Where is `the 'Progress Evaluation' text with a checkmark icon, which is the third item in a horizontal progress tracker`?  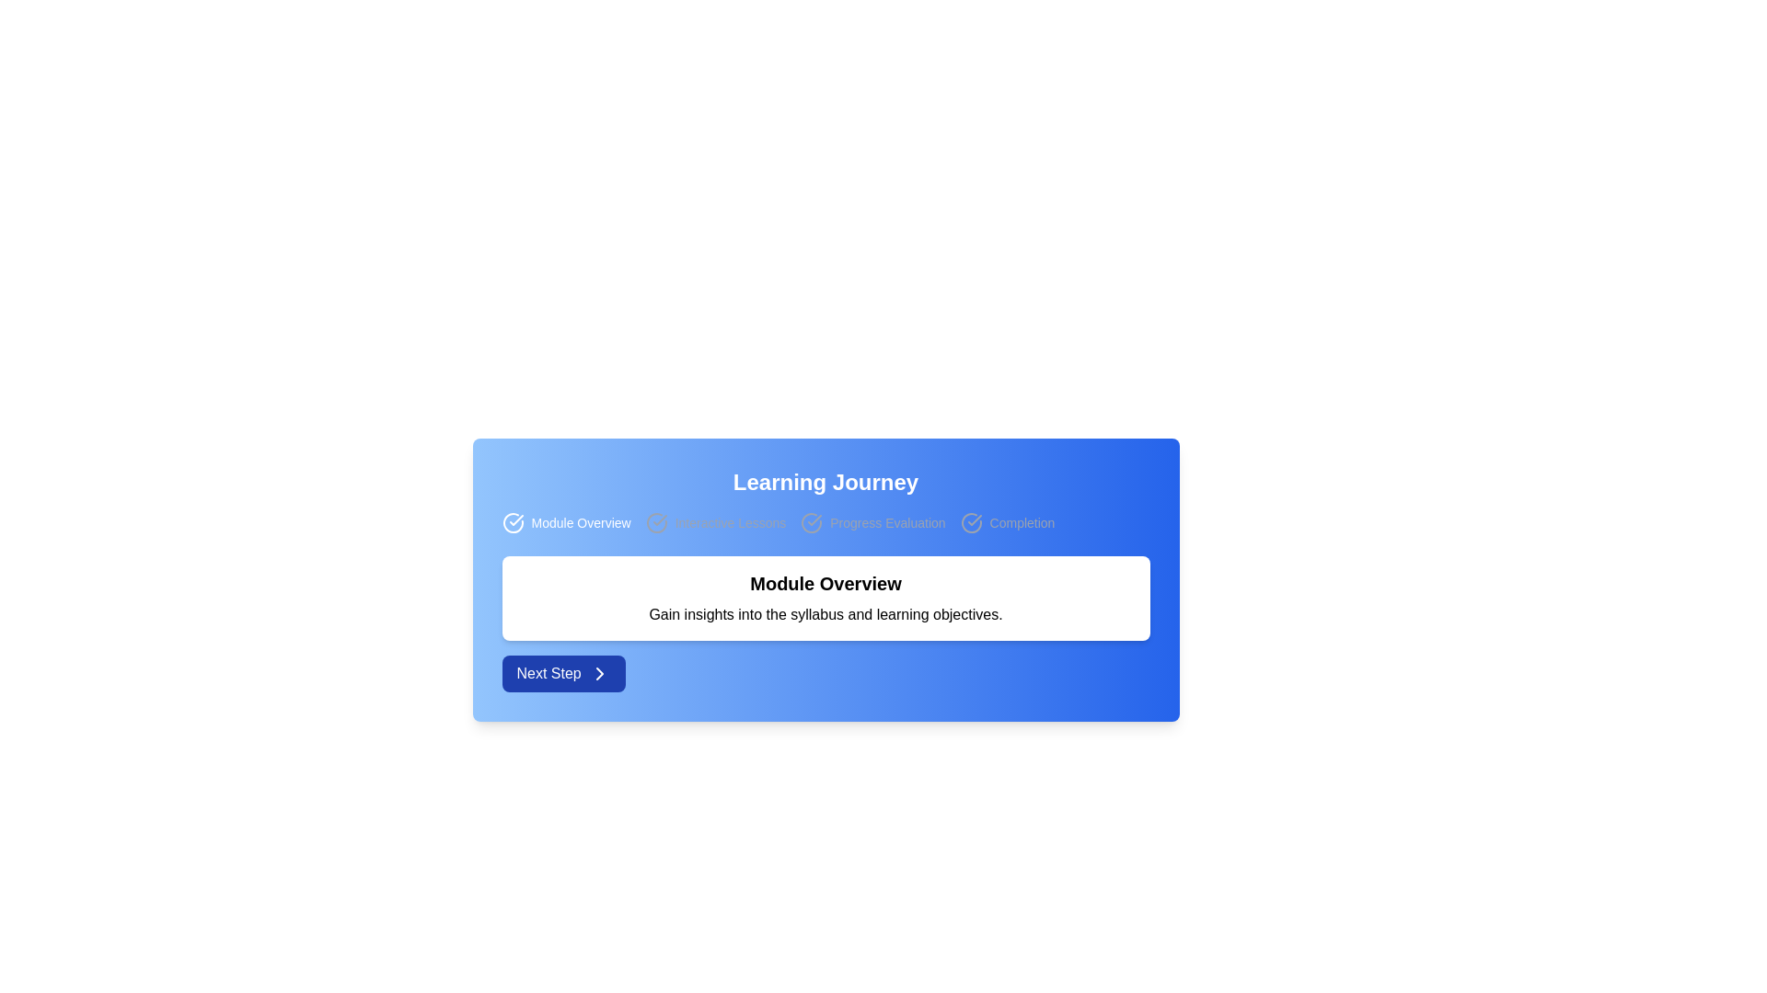
the 'Progress Evaluation' text with a checkmark icon, which is the third item in a horizontal progress tracker is located at coordinates (872, 523).